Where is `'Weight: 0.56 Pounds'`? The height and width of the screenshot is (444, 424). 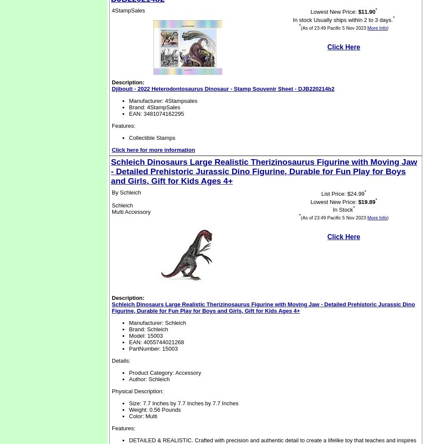 'Weight: 0.56 Pounds' is located at coordinates (154, 409).